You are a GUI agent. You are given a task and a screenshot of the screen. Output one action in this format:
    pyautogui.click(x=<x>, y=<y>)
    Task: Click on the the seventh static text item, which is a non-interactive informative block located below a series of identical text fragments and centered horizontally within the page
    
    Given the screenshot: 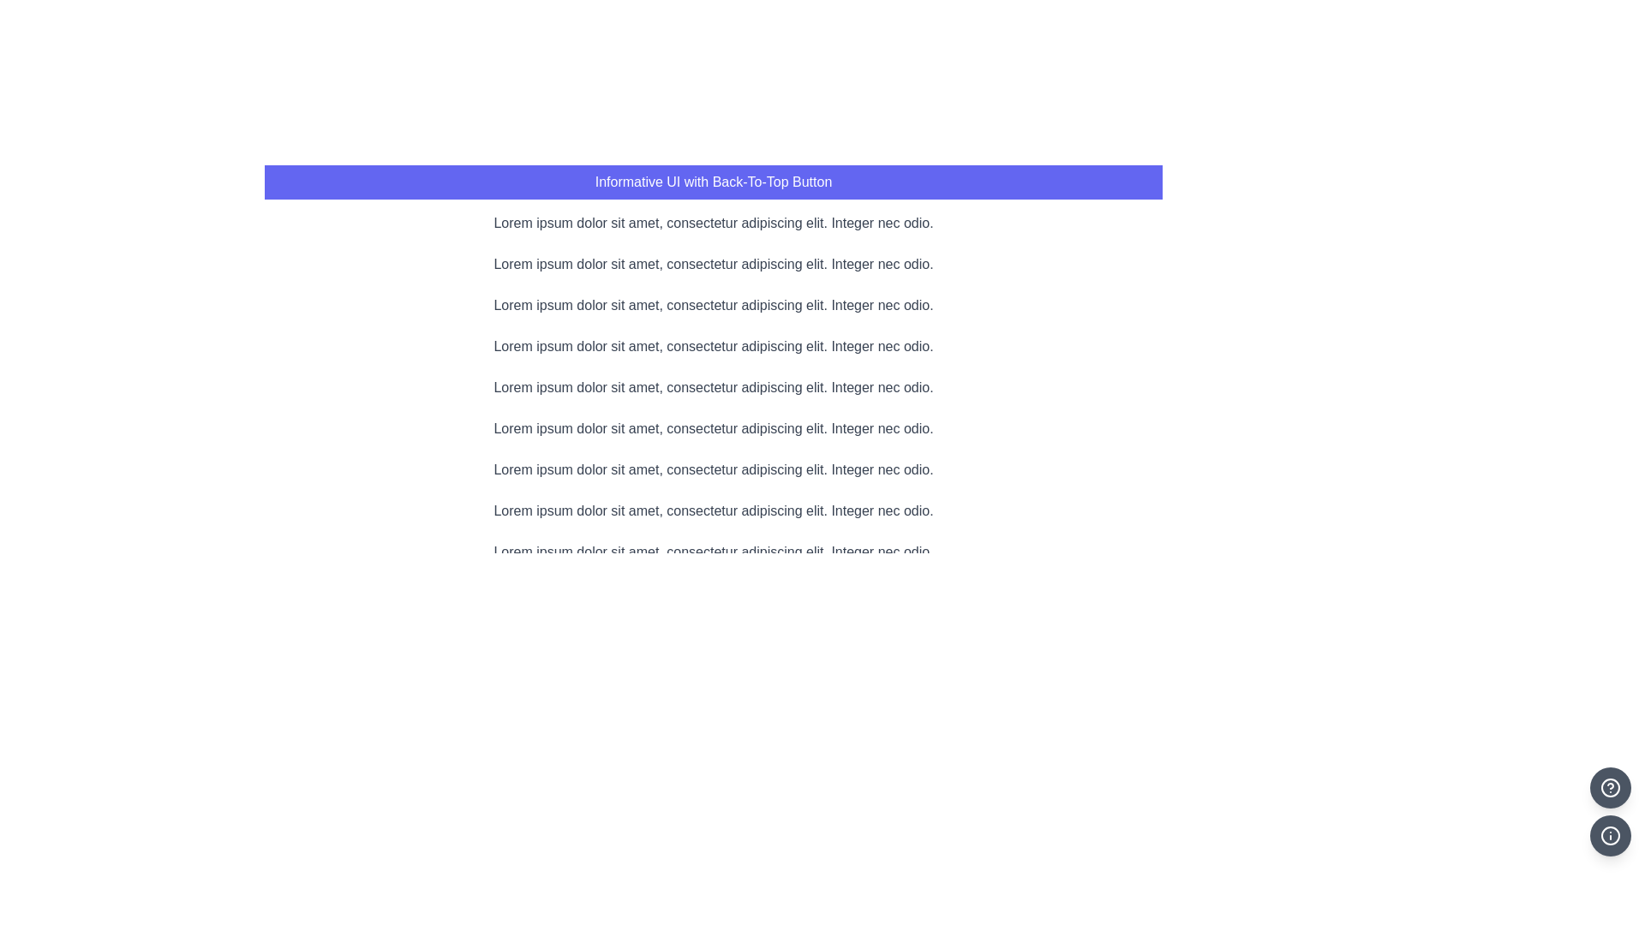 What is the action you would take?
    pyautogui.click(x=714, y=469)
    